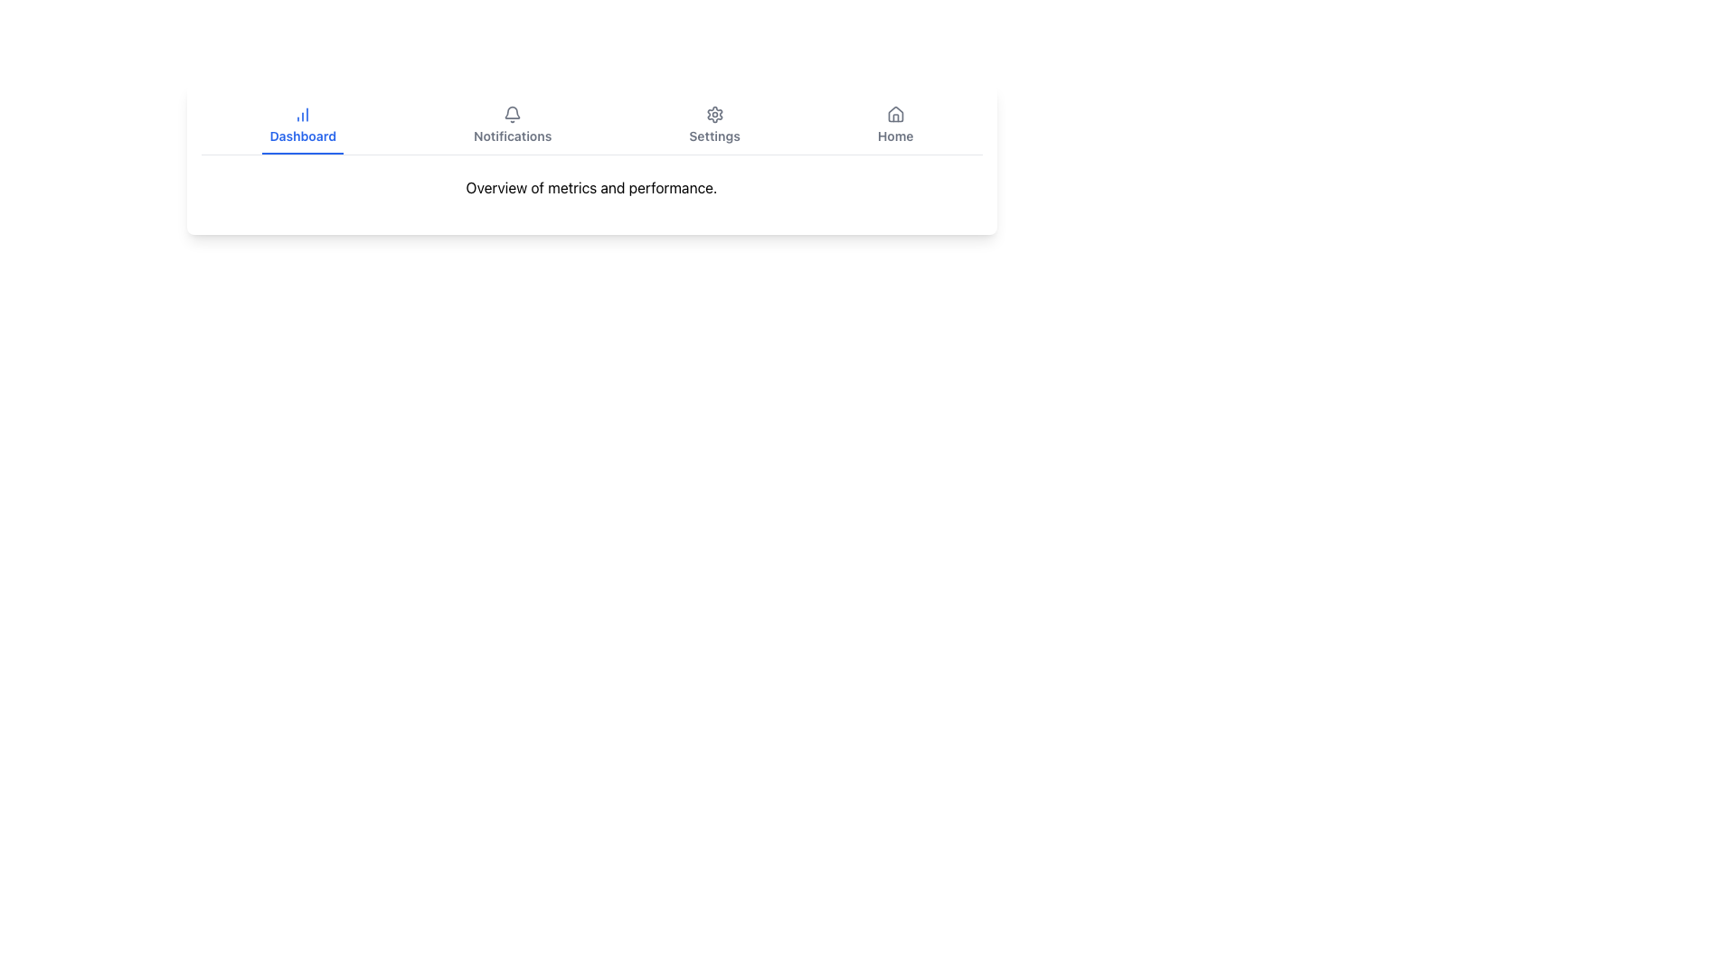  I want to click on the 'Notifications' button, which features a bell icon and is located in the middle of the navigation row, so click(512, 125).